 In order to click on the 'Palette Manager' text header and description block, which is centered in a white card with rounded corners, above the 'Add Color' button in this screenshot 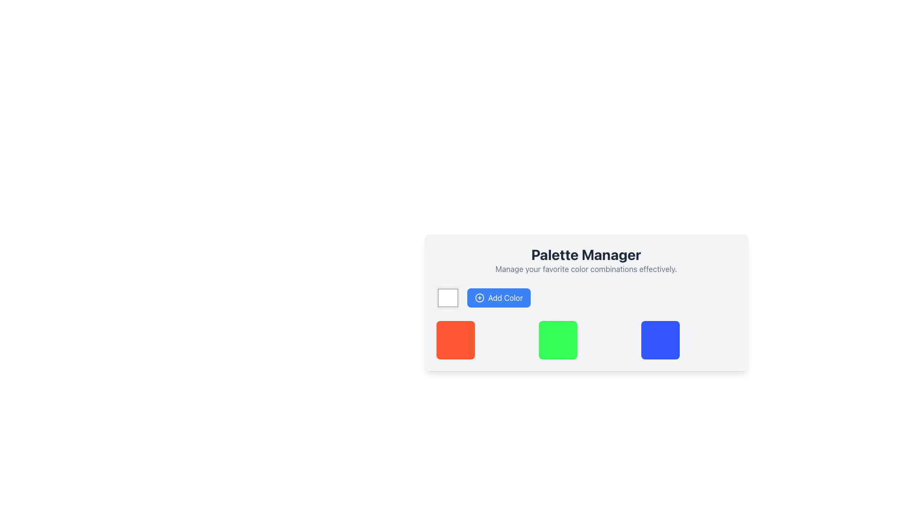, I will do `click(586, 260)`.